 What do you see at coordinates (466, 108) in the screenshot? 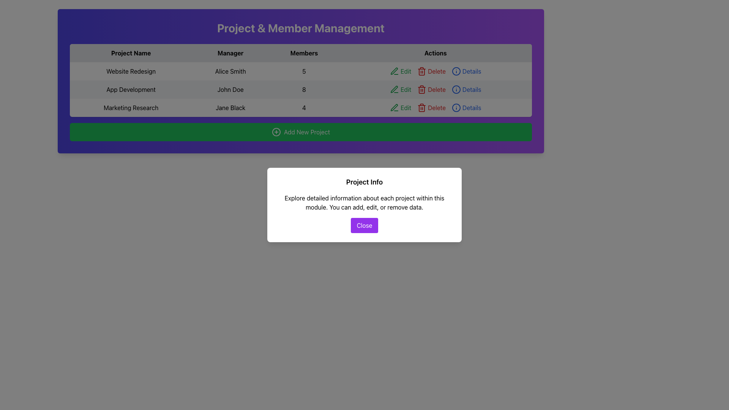
I see `the blue text link labeled 'Details' with an adjacent information icon located in the 'Actions' column of the 'Marketing Research' row` at bounding box center [466, 108].